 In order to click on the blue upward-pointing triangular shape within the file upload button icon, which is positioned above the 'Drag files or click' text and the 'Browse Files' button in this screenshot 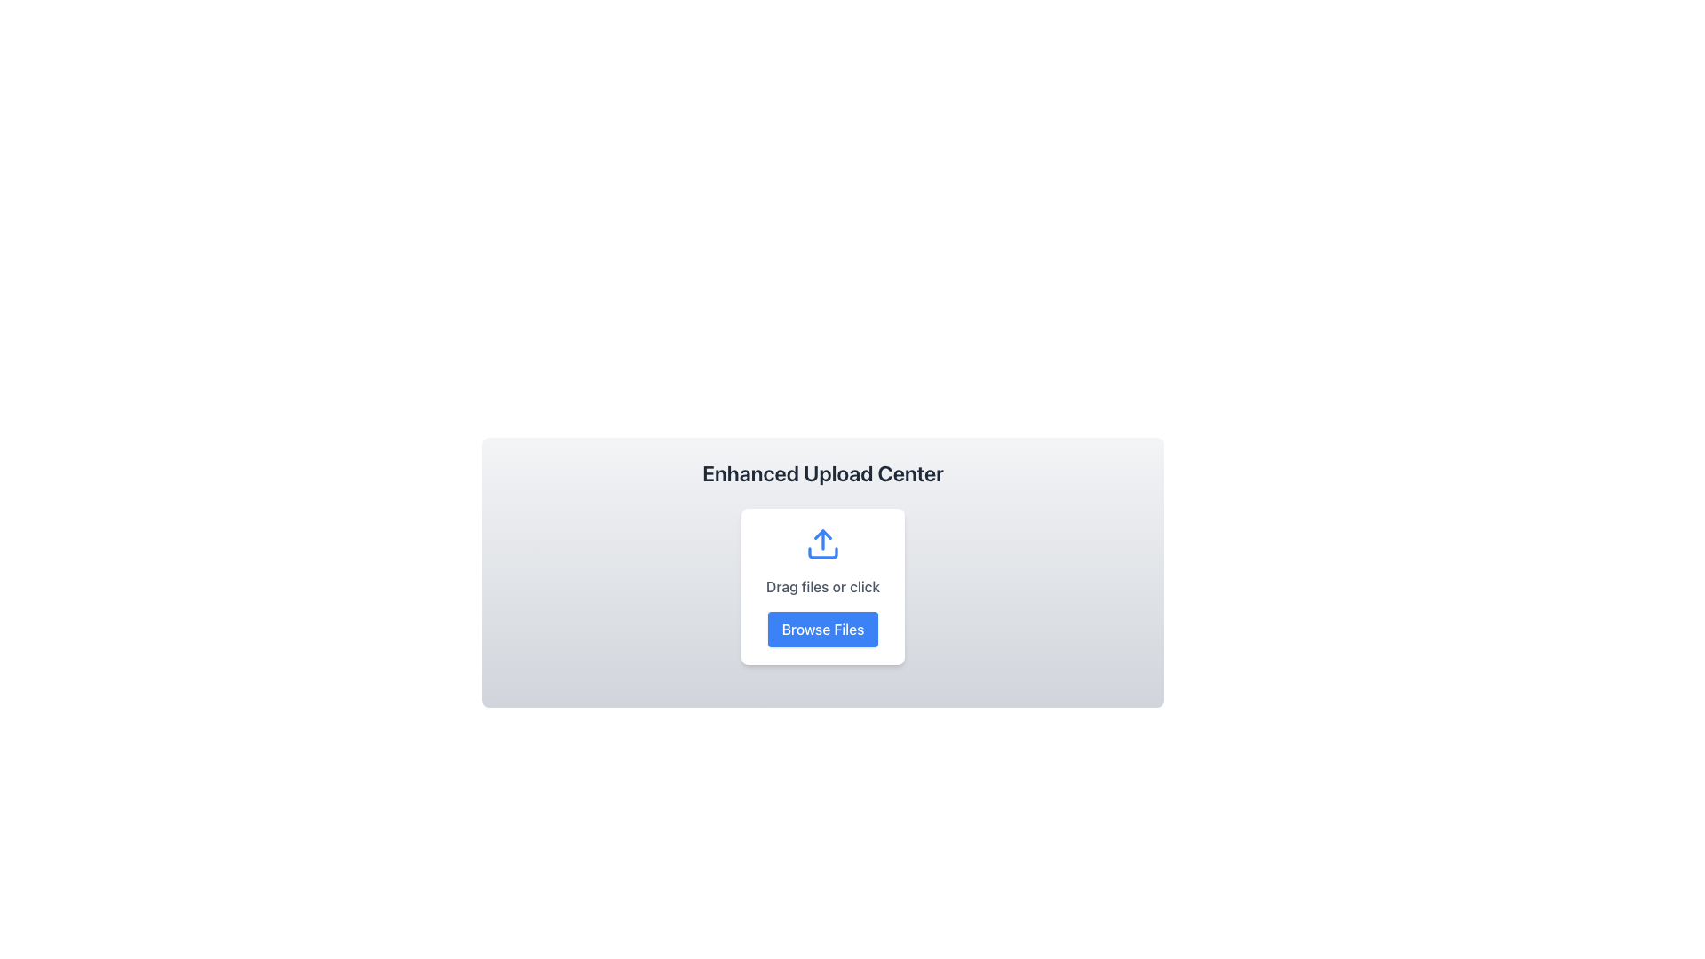, I will do `click(821, 533)`.